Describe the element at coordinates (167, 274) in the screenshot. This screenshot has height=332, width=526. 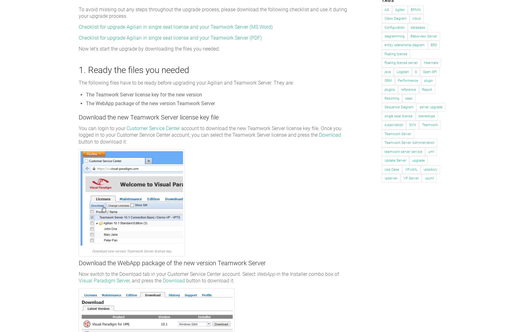
I see `'Now switch to the Download tab in your Customer Service Center account. Select'` at that location.